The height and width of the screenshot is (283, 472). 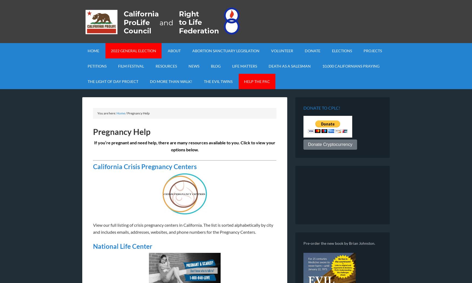 What do you see at coordinates (244, 66) in the screenshot?
I see `'Life Matters'` at bounding box center [244, 66].